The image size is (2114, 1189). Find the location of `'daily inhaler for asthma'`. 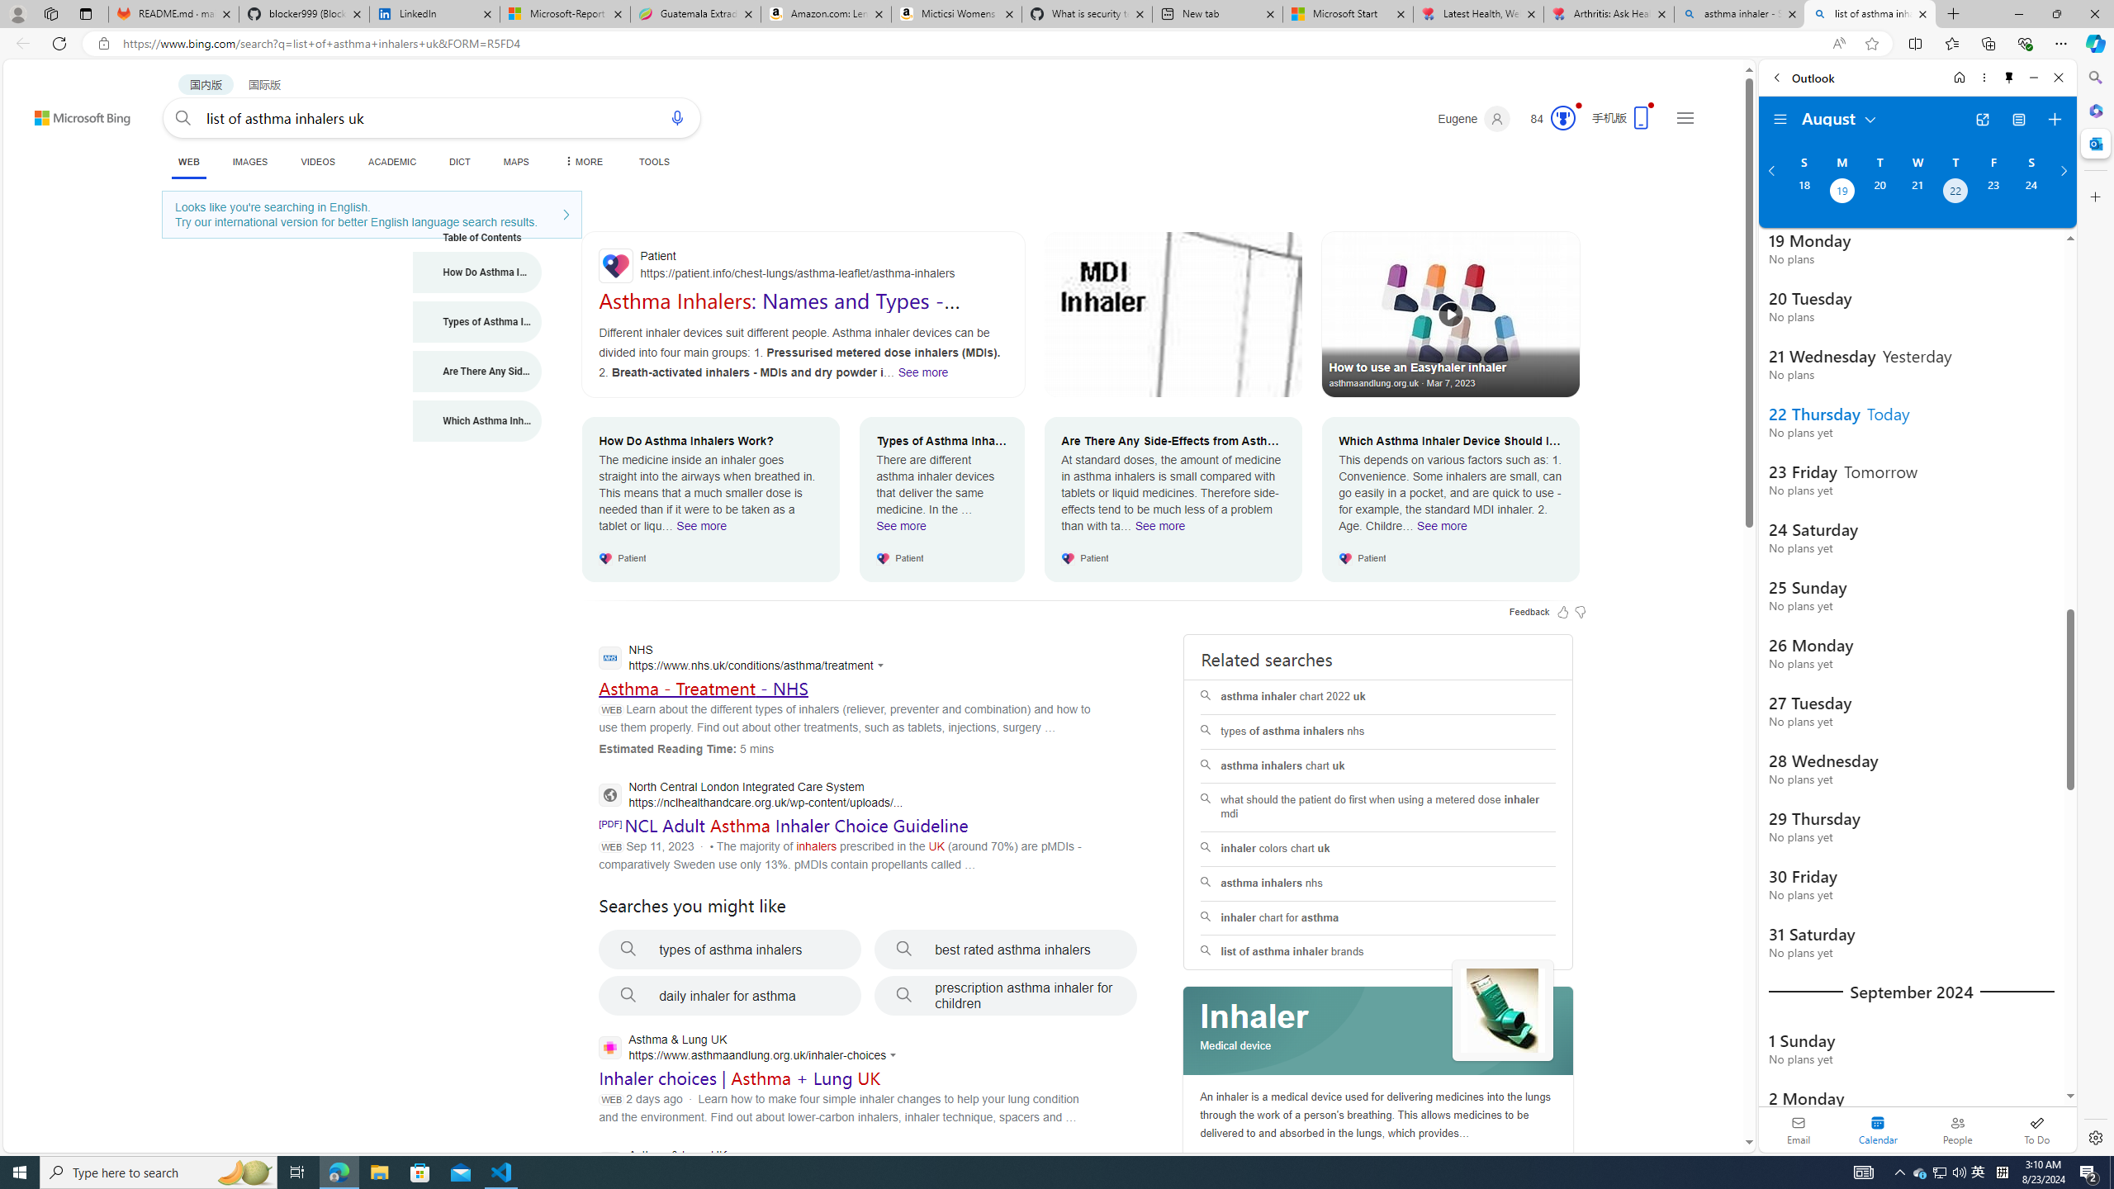

'daily inhaler for asthma' is located at coordinates (730, 996).